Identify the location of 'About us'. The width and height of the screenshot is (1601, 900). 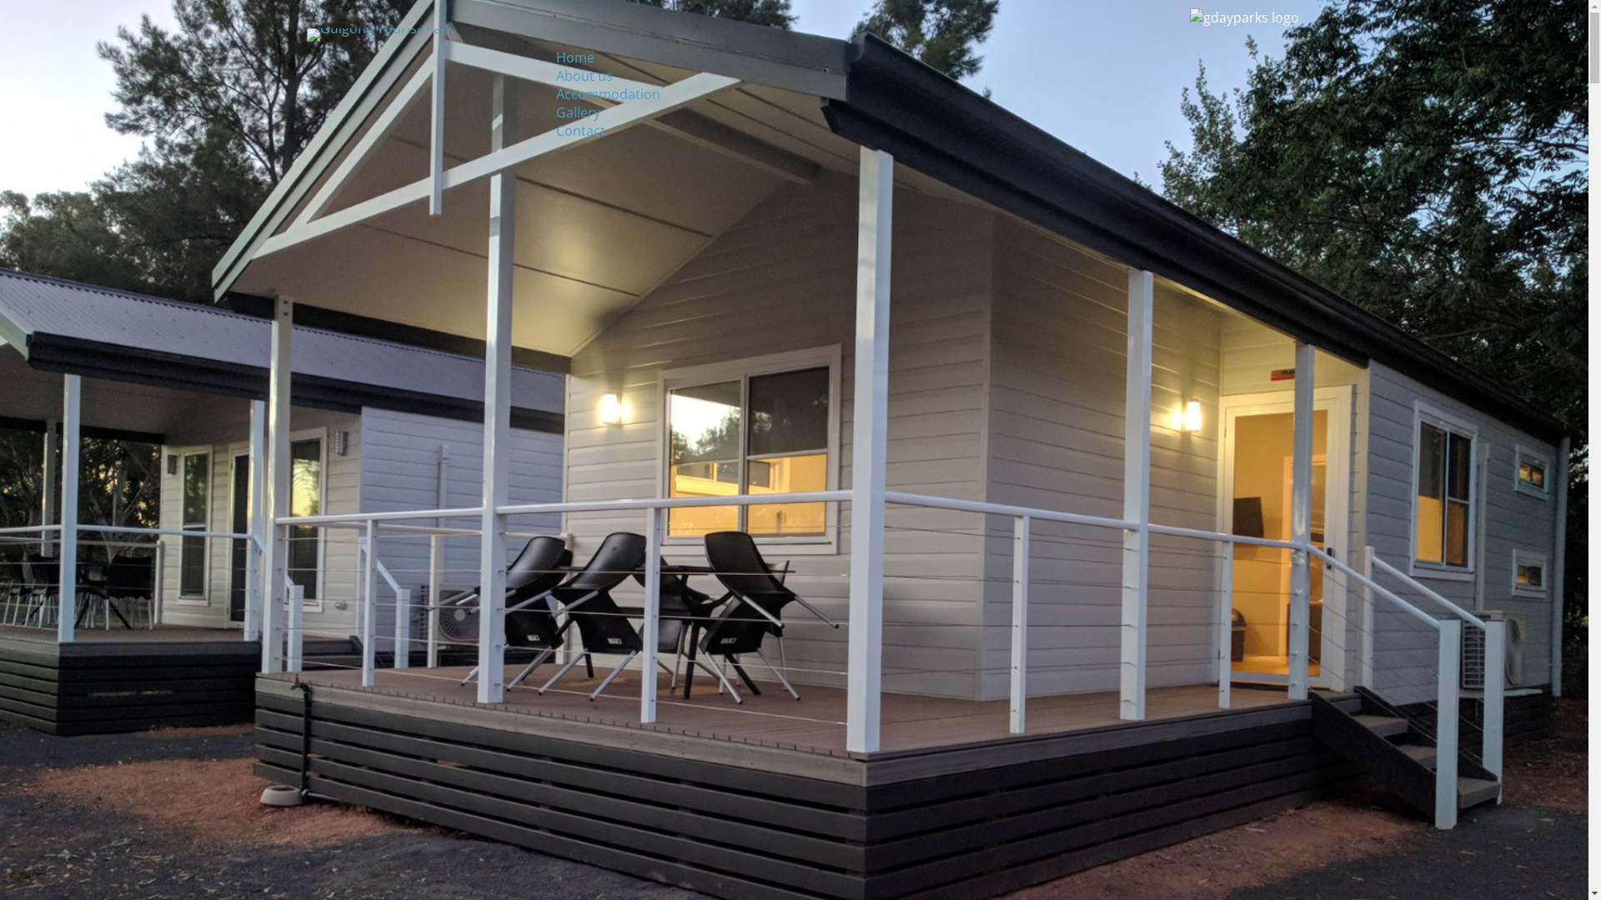
(584, 76).